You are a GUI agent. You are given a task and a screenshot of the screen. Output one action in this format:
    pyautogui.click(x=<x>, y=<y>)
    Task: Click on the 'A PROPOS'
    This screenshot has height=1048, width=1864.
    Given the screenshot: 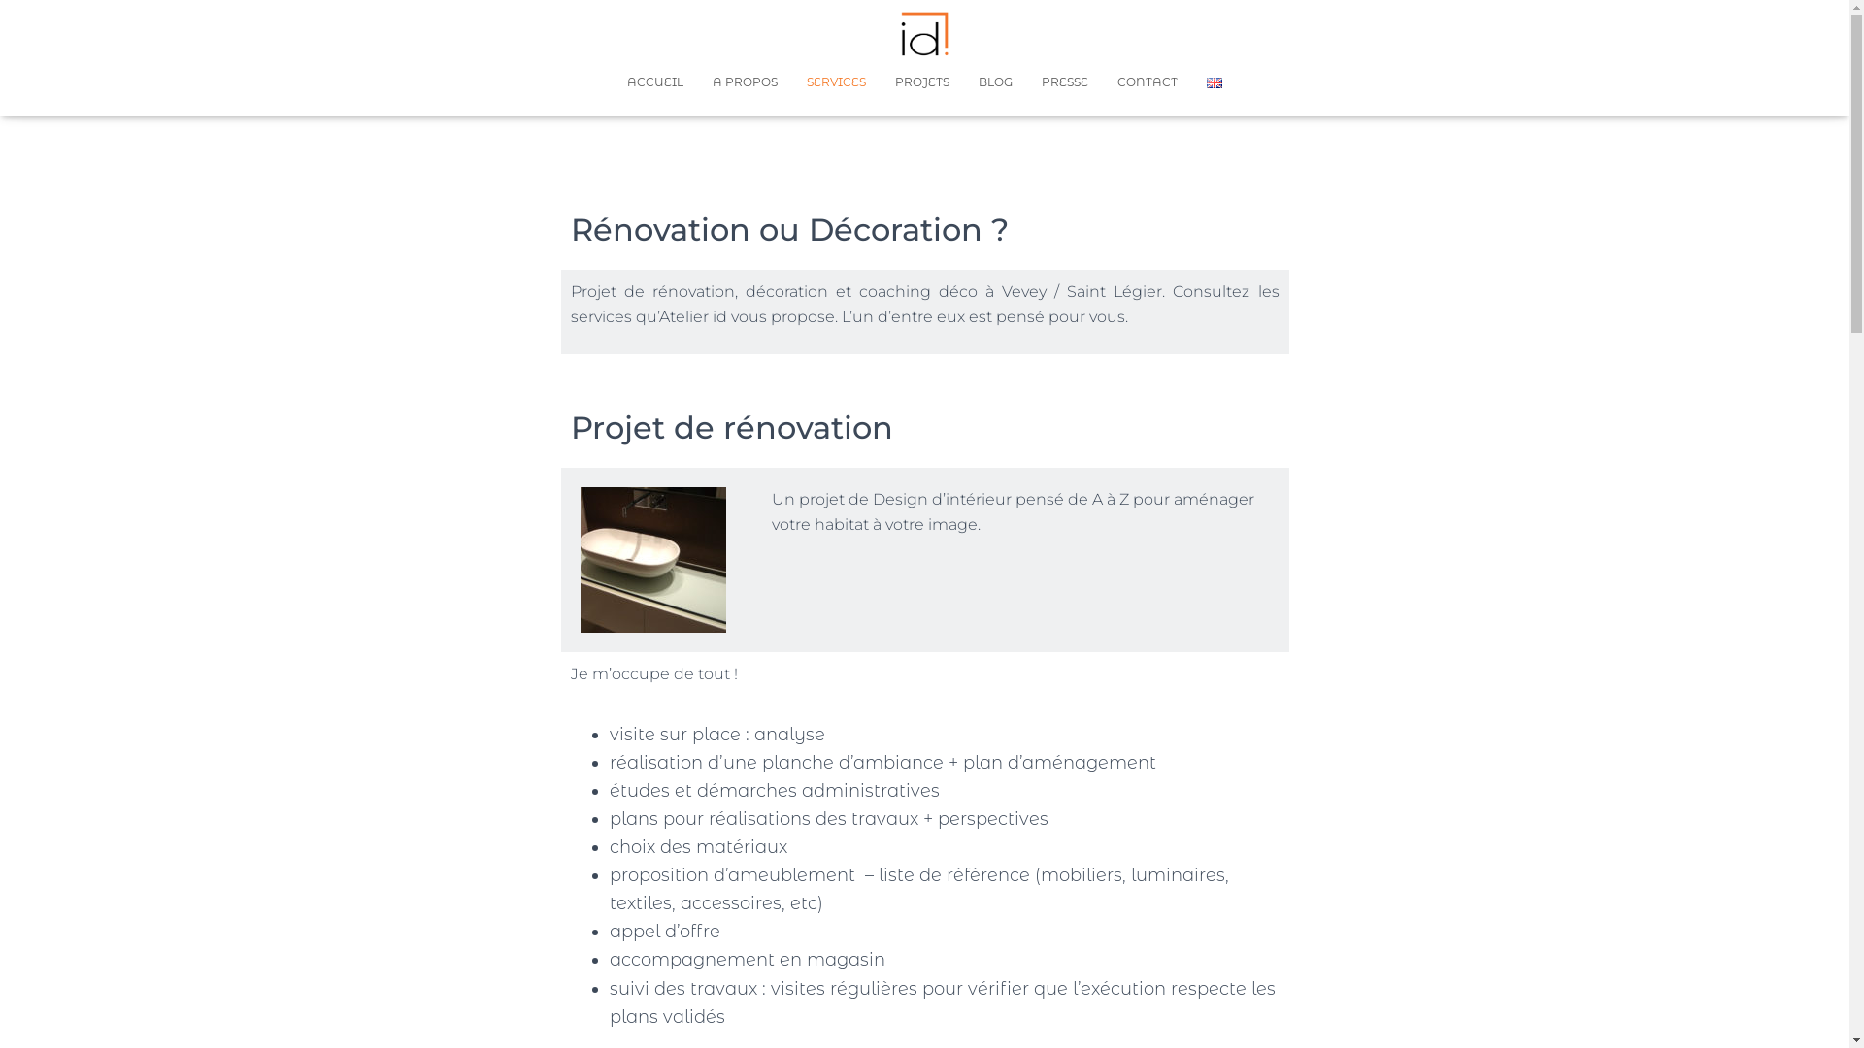 What is the action you would take?
    pyautogui.click(x=744, y=81)
    